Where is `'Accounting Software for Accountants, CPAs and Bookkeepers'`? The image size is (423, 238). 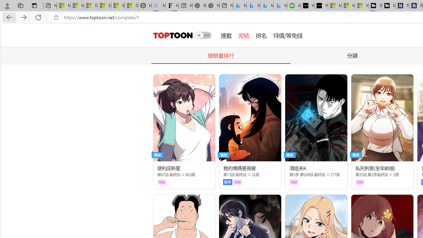
'Accounting Software for Accountants, CPAs and Bookkeepers' is located at coordinates (294, 6).